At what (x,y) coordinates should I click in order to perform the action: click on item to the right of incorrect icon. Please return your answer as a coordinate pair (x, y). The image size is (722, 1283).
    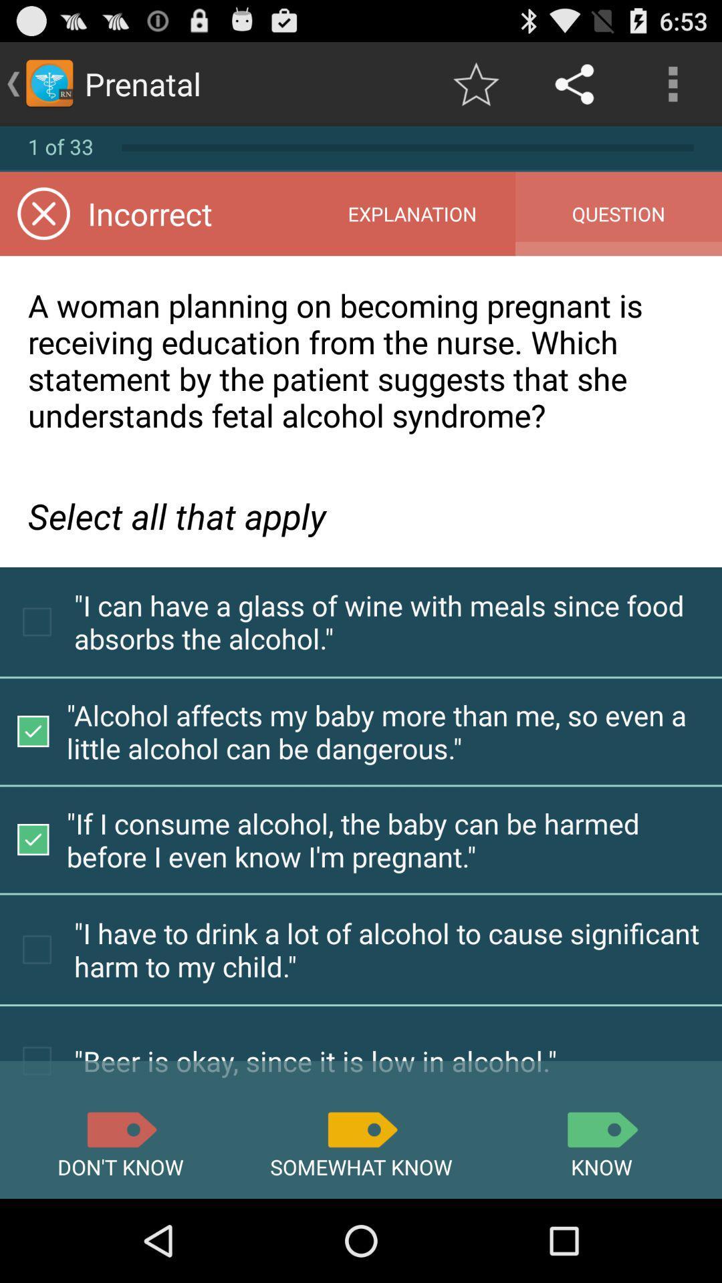
    Looking at the image, I should click on (411, 214).